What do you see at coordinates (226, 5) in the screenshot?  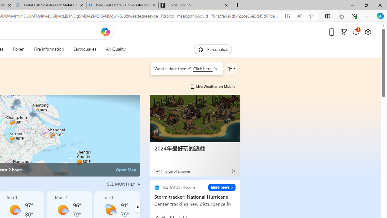 I see `'Close tab'` at bounding box center [226, 5].